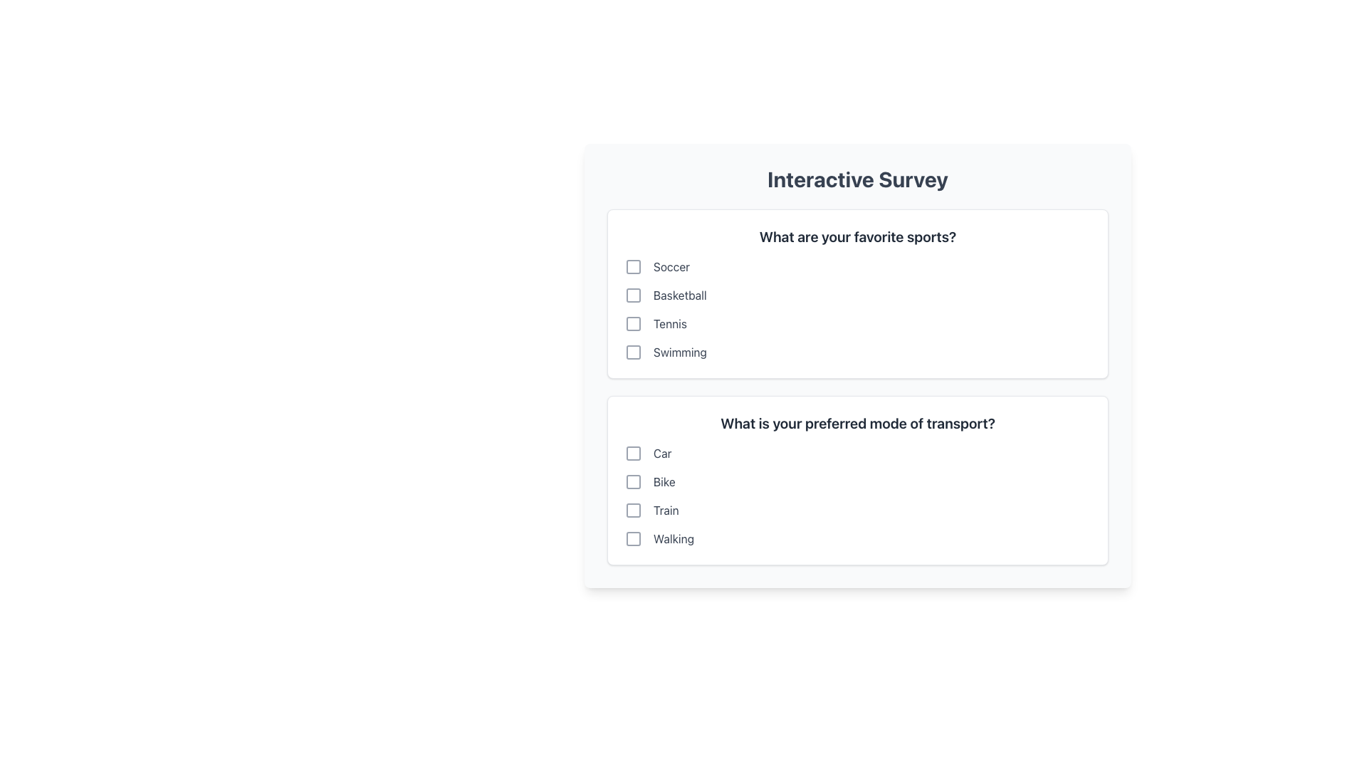 The image size is (1367, 769). Describe the element at coordinates (632, 481) in the screenshot. I see `the graphical decorative element inside the checkbox associated with the 'Bike' option in the question 'What is your preferred mode of transport?'` at that location.